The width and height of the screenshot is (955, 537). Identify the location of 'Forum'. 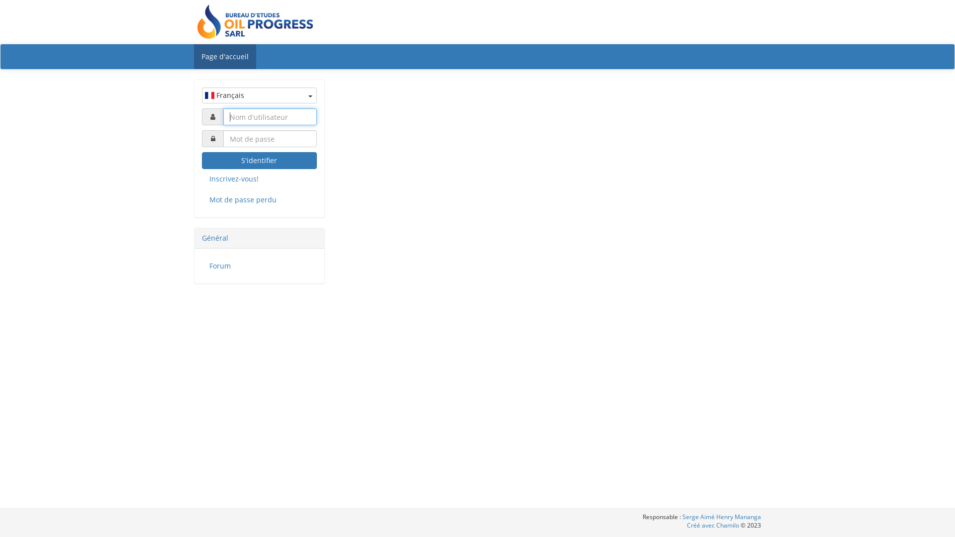
(201, 266).